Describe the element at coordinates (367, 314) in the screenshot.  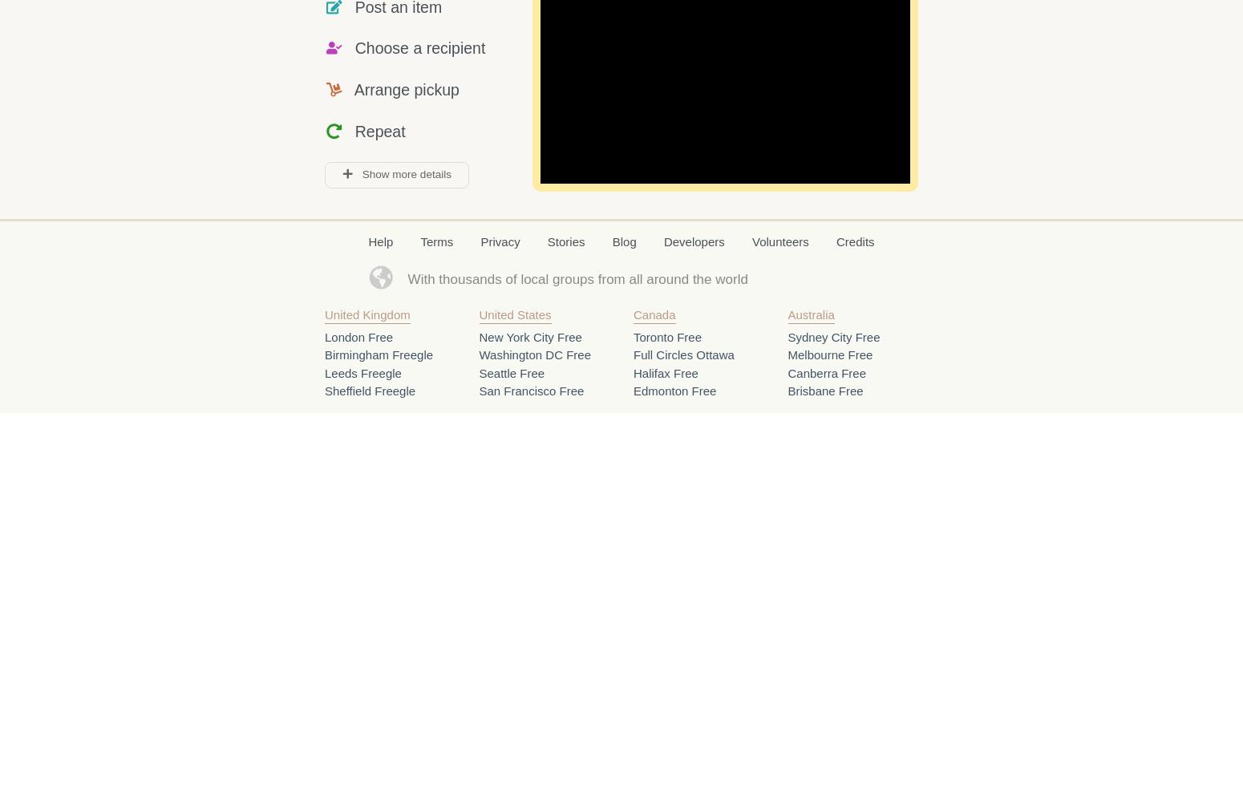
I see `'United Kingdom'` at that location.